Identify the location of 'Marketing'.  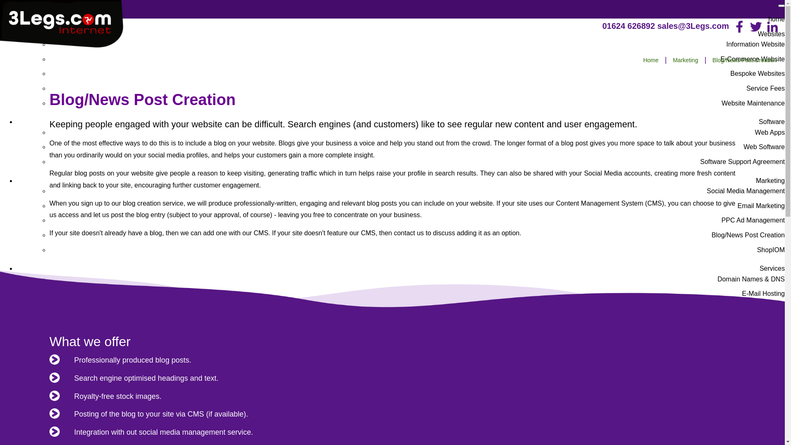
(668, 60).